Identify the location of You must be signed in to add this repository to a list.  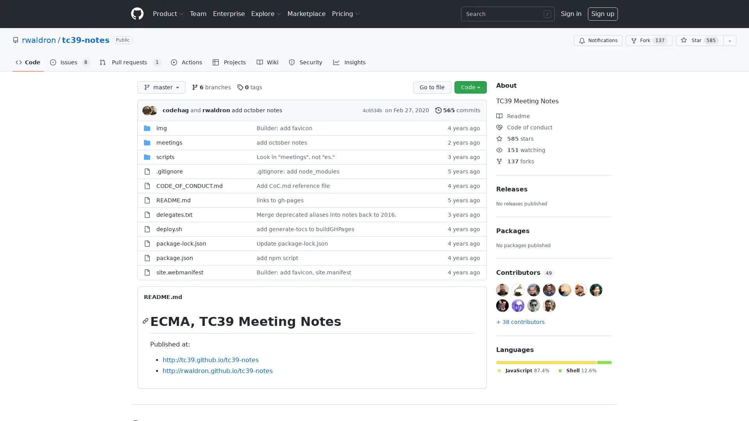
(729, 41).